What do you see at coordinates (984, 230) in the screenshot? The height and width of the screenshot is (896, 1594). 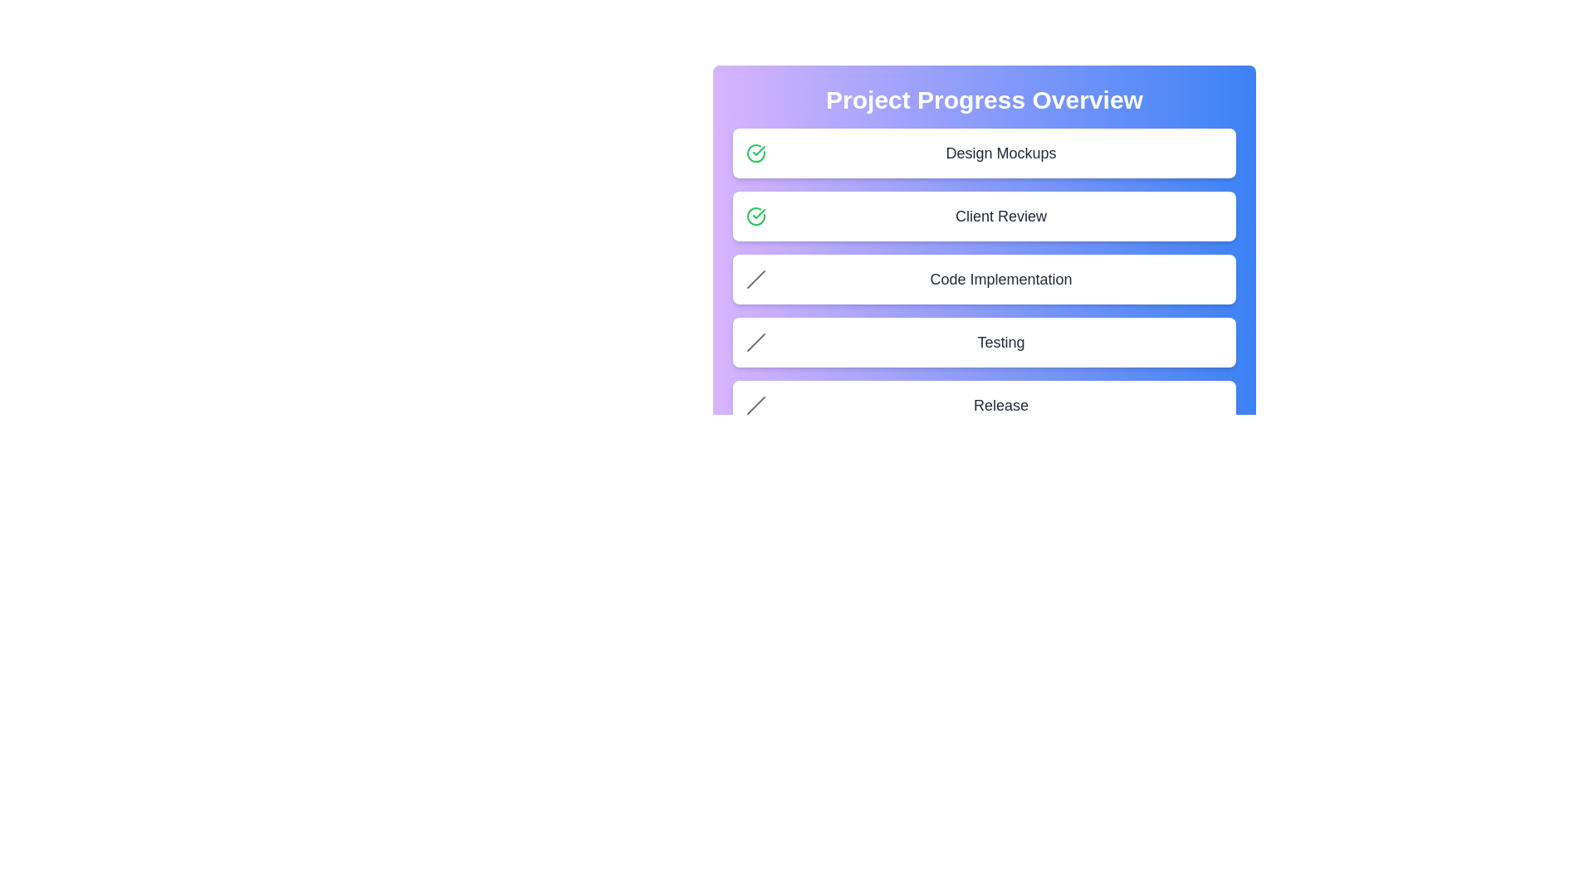 I see `the 'Client Review' milestone block in the project tracking interface` at bounding box center [984, 230].